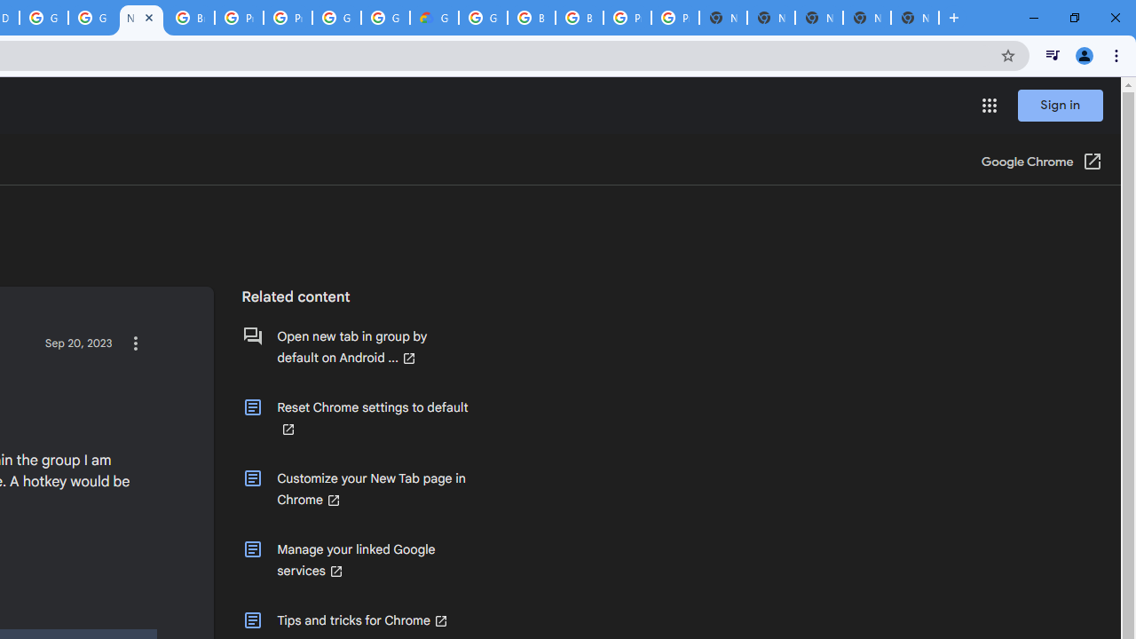  What do you see at coordinates (434, 18) in the screenshot?
I see `'Google Cloud Estimate Summary'` at bounding box center [434, 18].